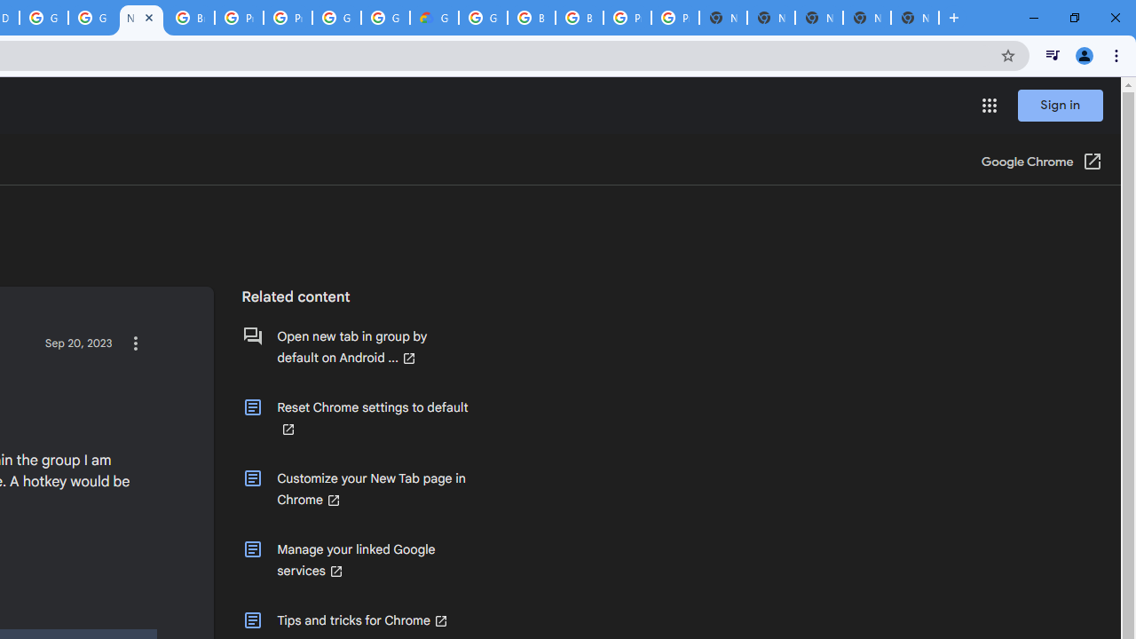  What do you see at coordinates (434, 18) in the screenshot?
I see `'Google Cloud Estimate Summary'` at bounding box center [434, 18].